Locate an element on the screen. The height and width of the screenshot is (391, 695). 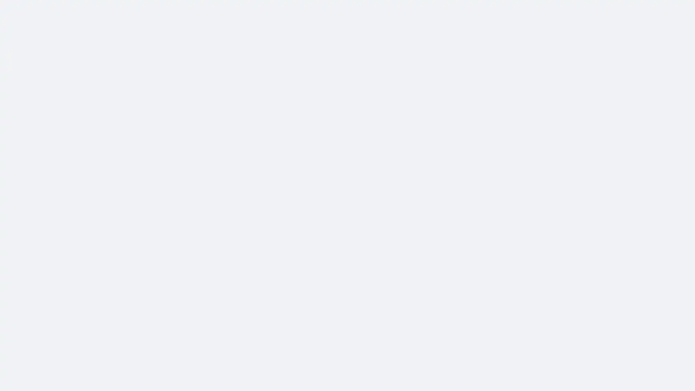
OK is located at coordinates (421, 216).